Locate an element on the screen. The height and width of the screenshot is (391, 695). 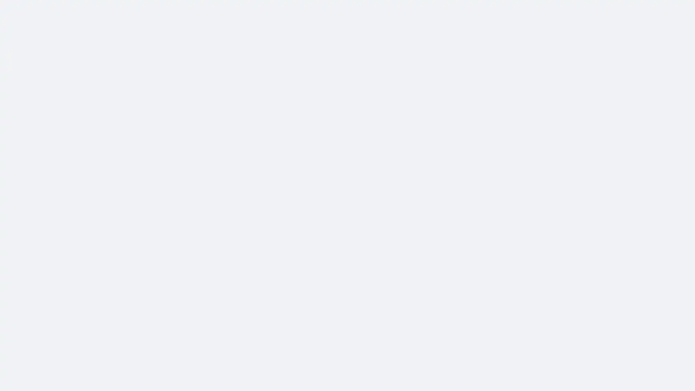
OK is located at coordinates (421, 216).